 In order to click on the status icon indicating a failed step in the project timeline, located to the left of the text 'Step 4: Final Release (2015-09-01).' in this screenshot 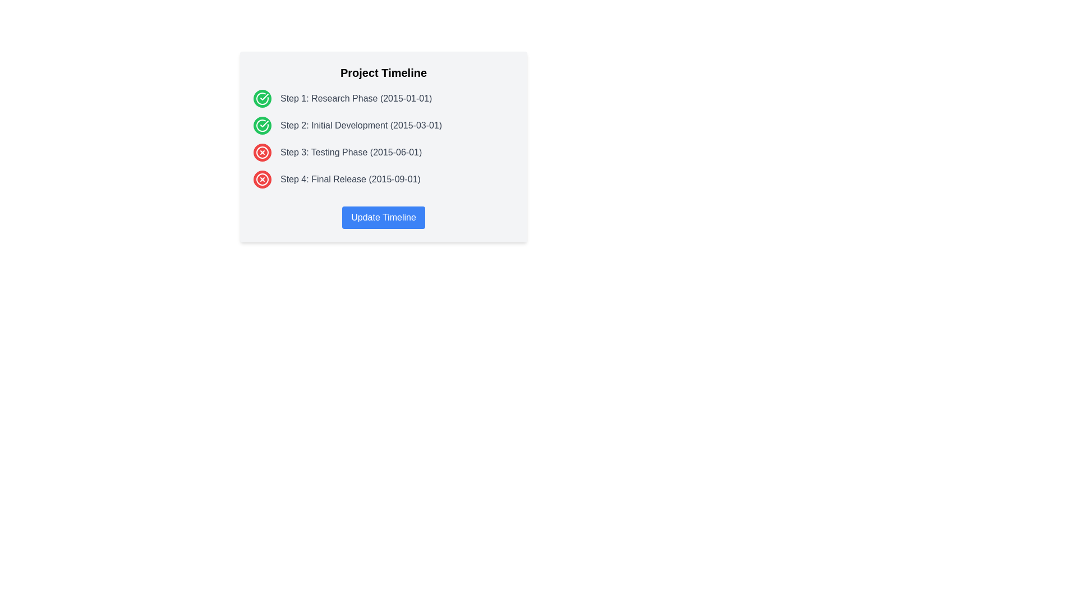, I will do `click(261, 153)`.